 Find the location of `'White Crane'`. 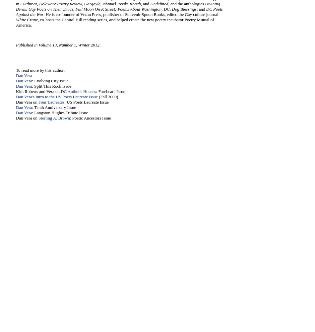

'White Crane' is located at coordinates (27, 20).